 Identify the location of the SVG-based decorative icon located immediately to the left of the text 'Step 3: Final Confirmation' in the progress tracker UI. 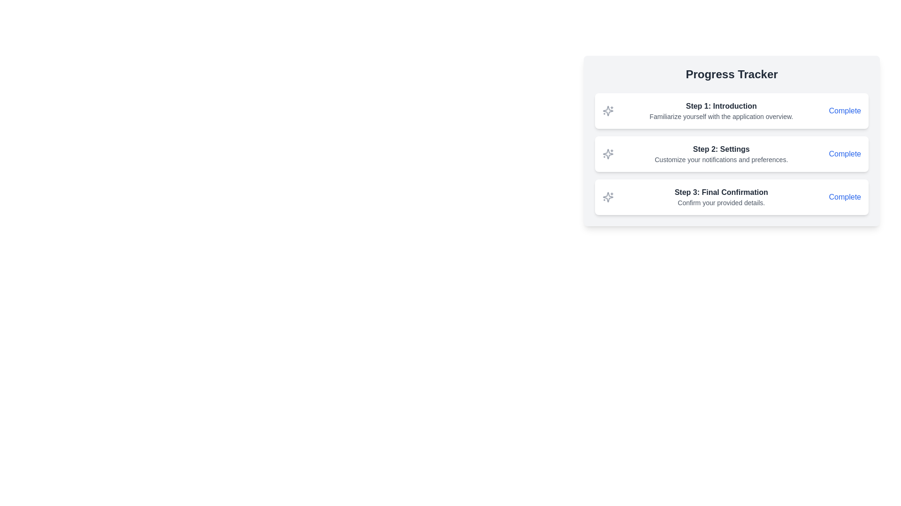
(608, 196).